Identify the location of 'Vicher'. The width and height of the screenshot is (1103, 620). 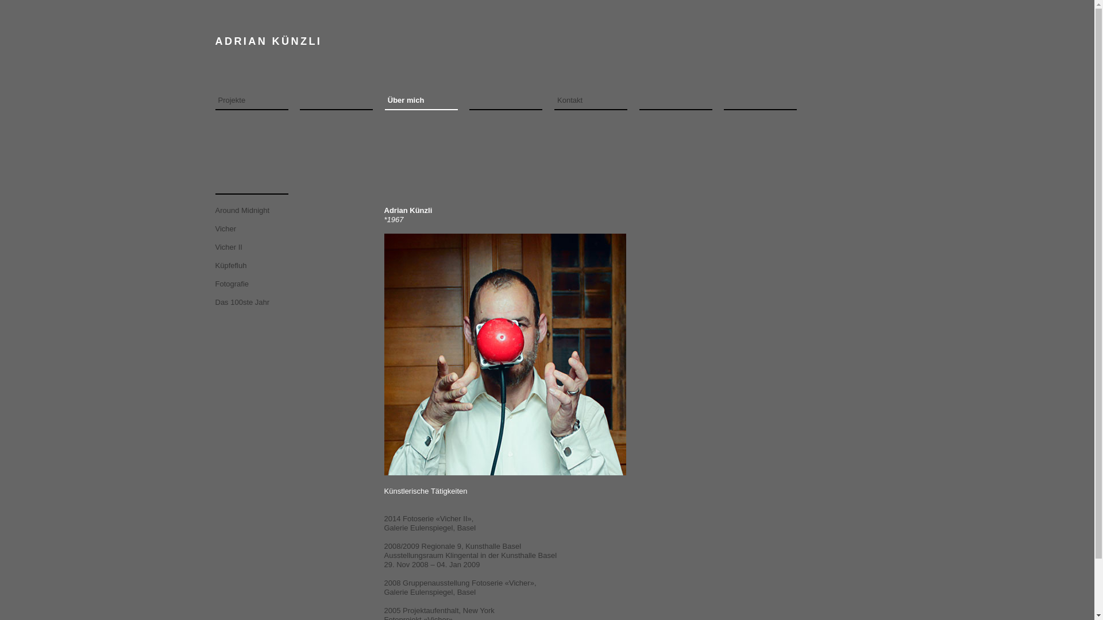
(256, 228).